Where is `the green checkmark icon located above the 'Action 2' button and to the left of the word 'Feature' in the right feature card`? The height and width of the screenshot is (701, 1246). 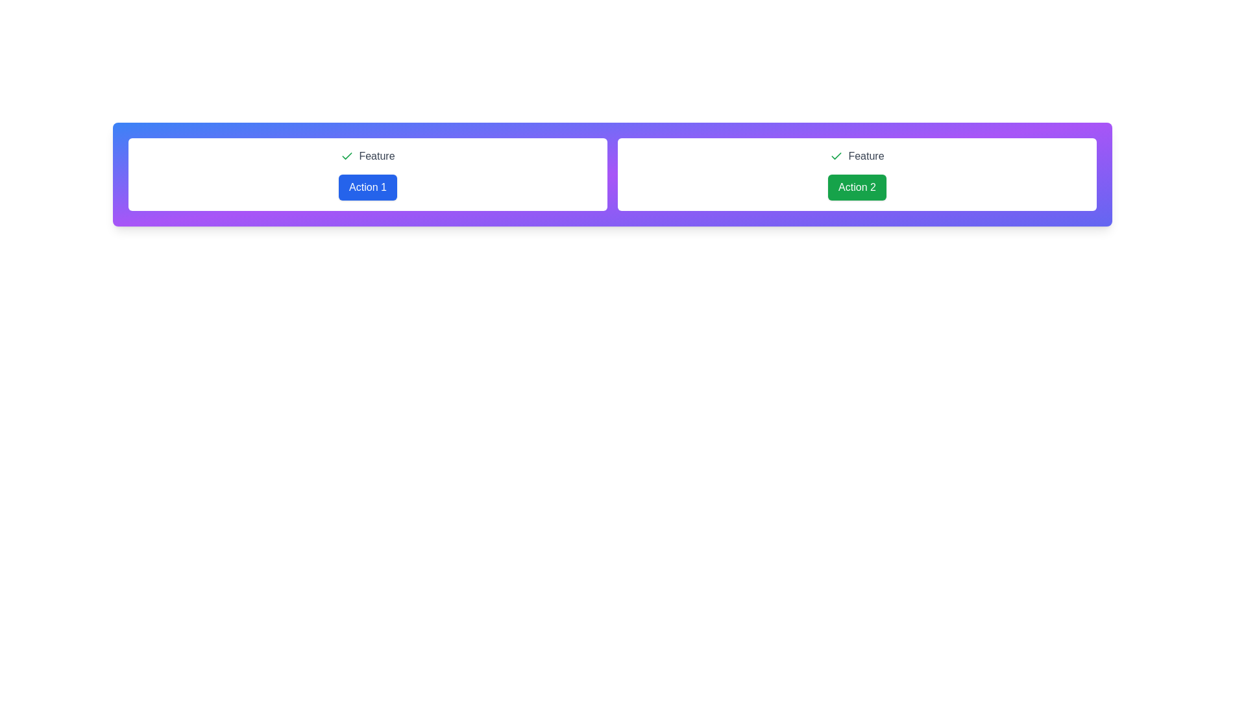
the green checkmark icon located above the 'Action 2' button and to the left of the word 'Feature' in the right feature card is located at coordinates (347, 155).